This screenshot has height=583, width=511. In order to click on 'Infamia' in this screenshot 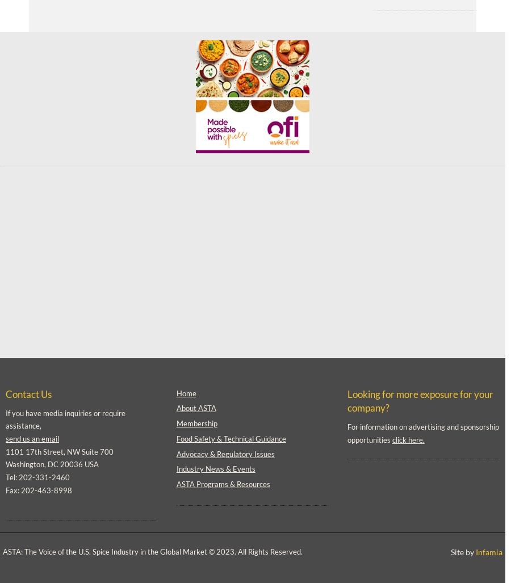, I will do `click(489, 551)`.